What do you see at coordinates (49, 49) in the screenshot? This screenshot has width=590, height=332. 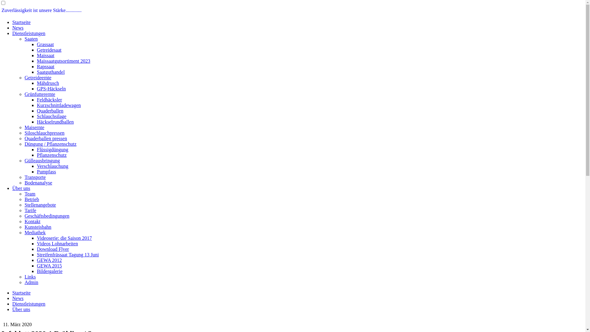 I see `'Getreidesaat'` at bounding box center [49, 49].